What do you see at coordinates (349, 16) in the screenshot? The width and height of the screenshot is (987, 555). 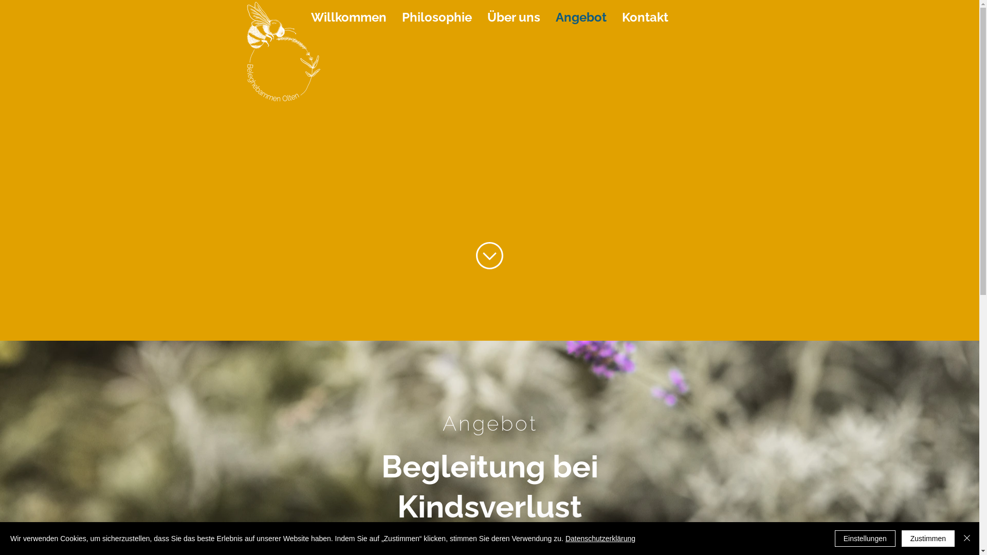 I see `'Willkommen'` at bounding box center [349, 16].